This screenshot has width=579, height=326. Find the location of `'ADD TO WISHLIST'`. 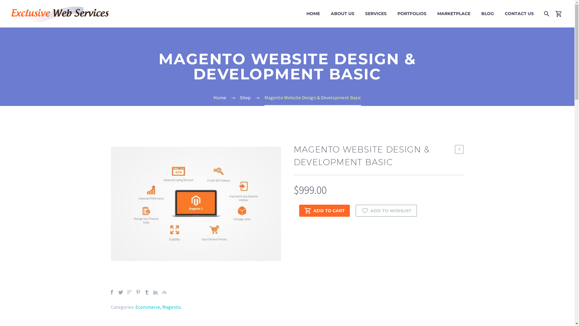

'ADD TO WISHLIST' is located at coordinates (386, 210).